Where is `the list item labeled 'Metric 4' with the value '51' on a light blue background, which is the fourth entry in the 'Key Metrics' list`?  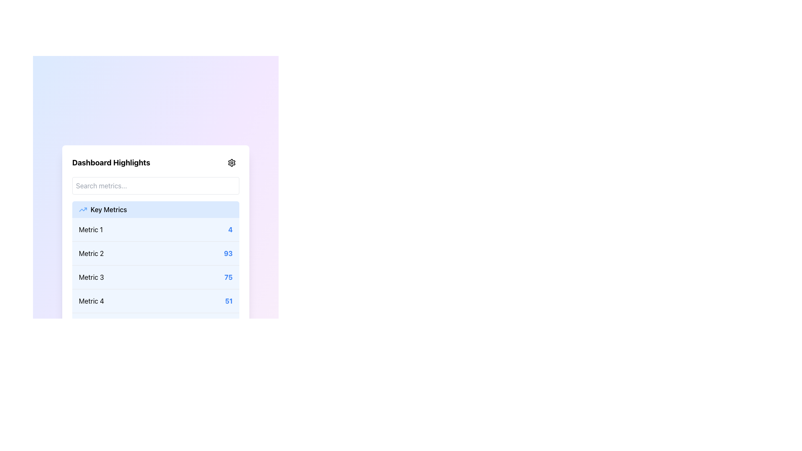
the list item labeled 'Metric 4' with the value '51' on a light blue background, which is the fourth entry in the 'Key Metrics' list is located at coordinates (156, 301).